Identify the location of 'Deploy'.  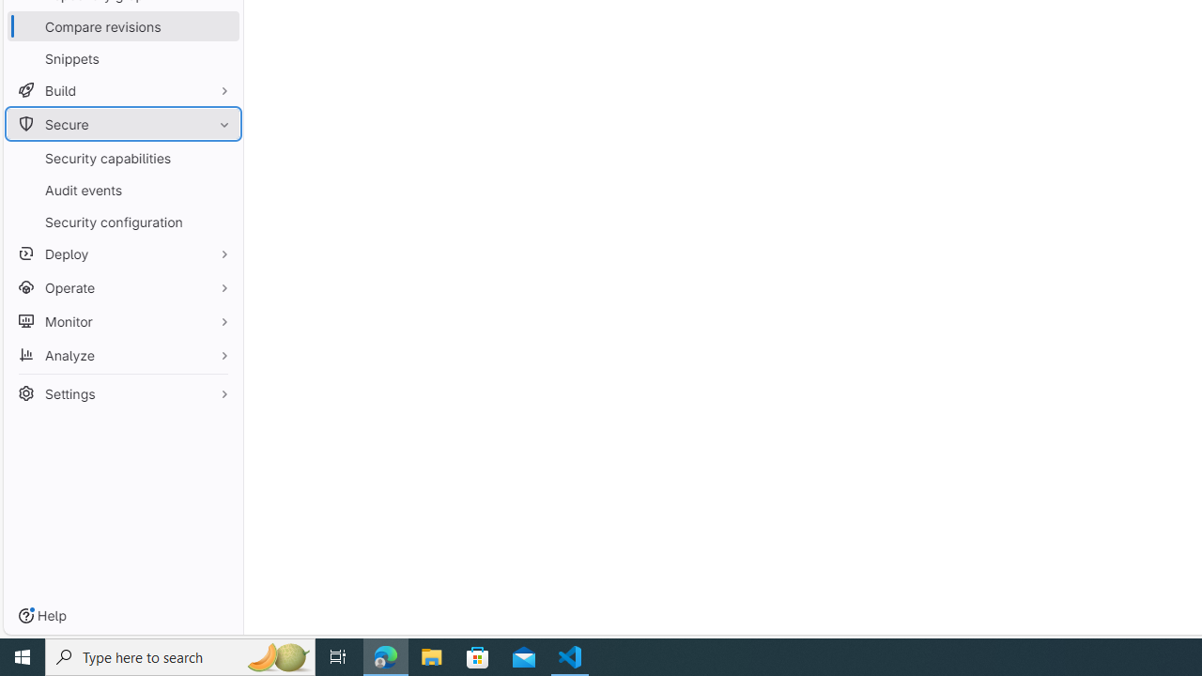
(122, 253).